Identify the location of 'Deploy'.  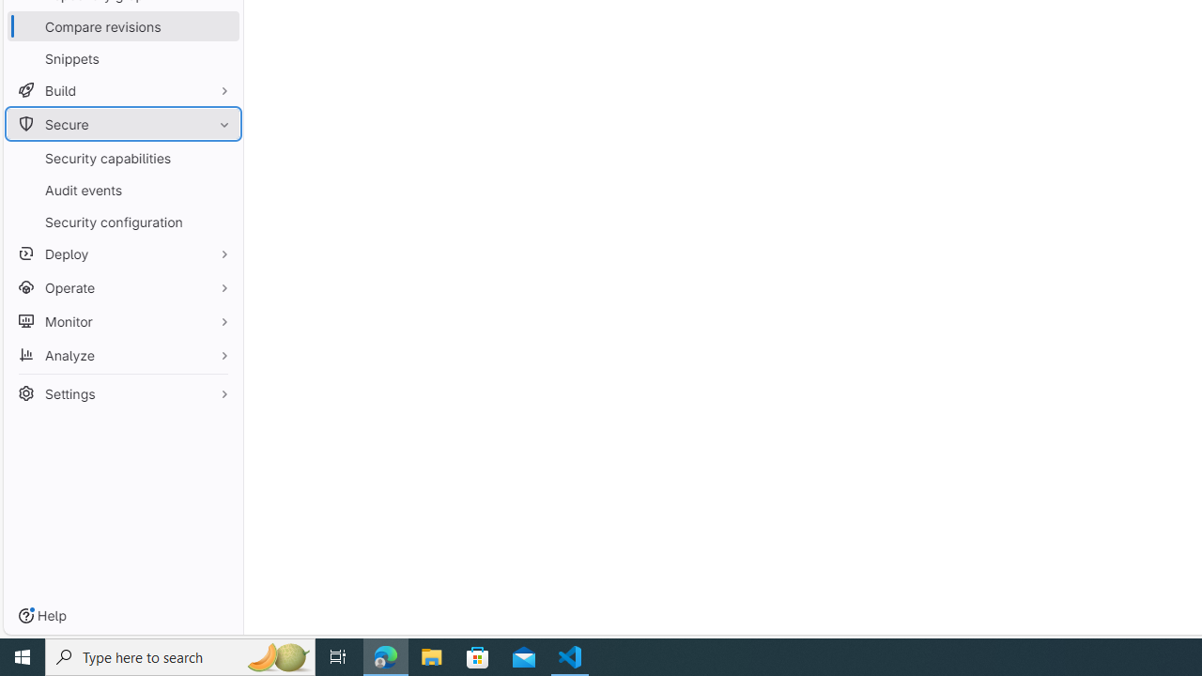
(122, 253).